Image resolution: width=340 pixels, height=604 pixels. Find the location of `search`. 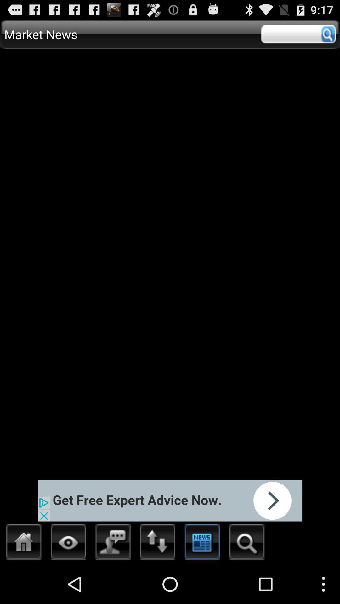

search is located at coordinates (298, 34).